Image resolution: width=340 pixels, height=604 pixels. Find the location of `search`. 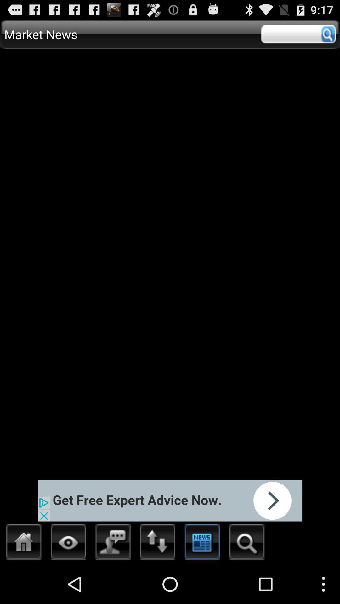

search is located at coordinates (298, 34).